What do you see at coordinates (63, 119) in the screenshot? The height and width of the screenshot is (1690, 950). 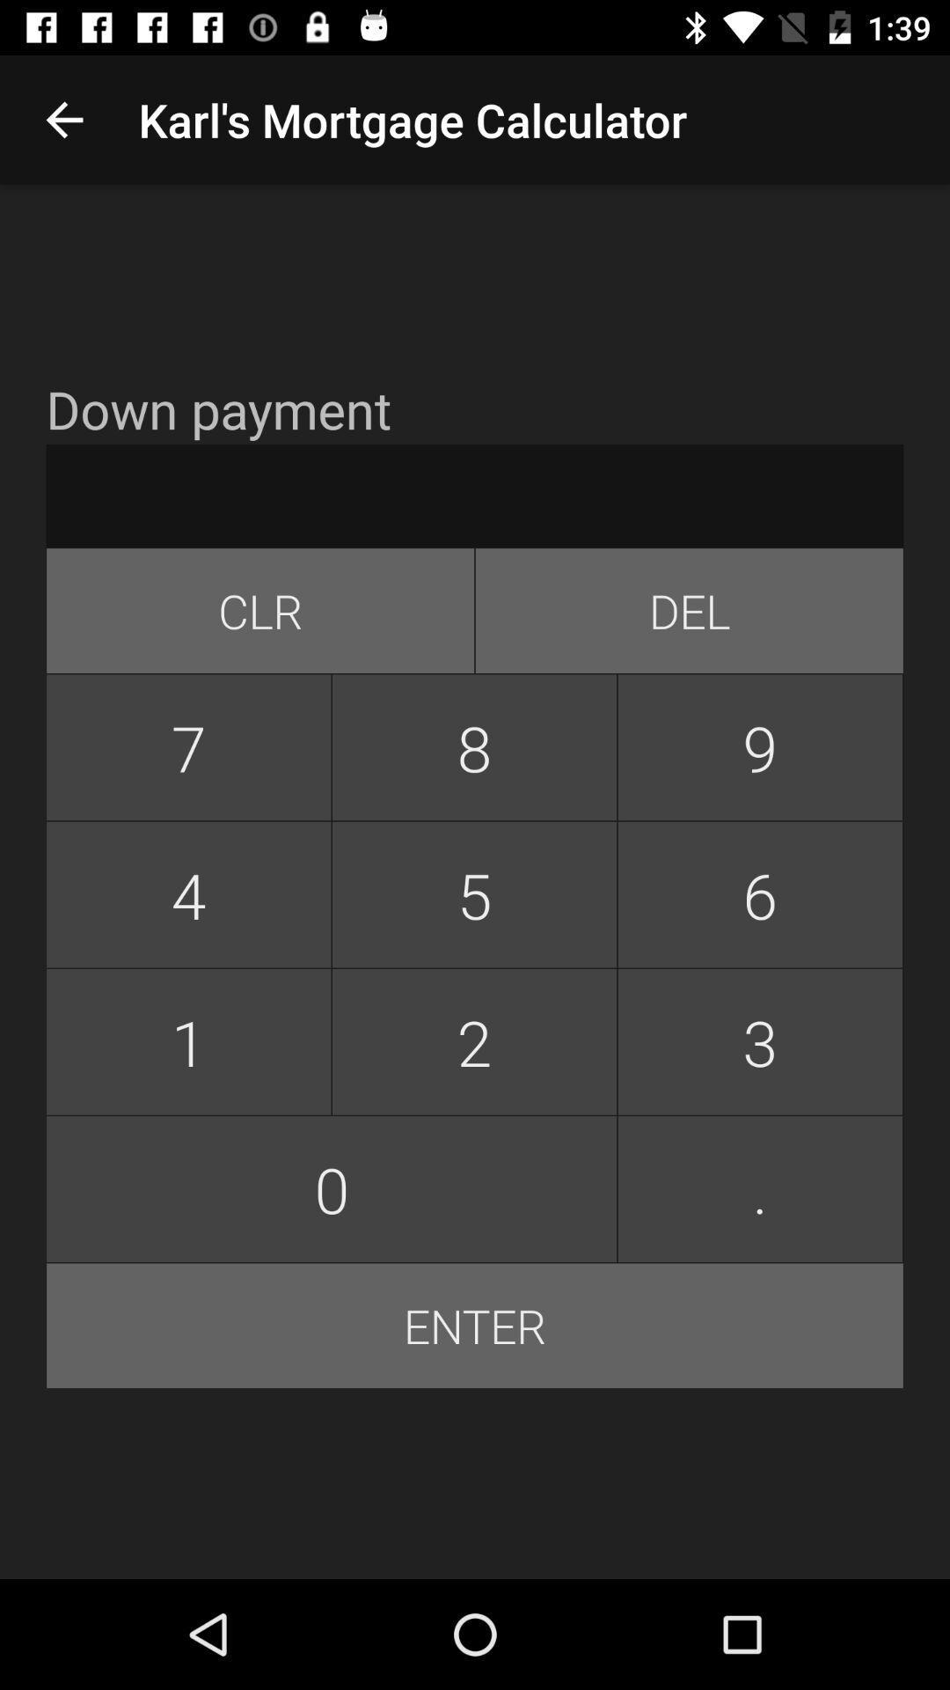 I see `app next to karl s mortgage app` at bounding box center [63, 119].